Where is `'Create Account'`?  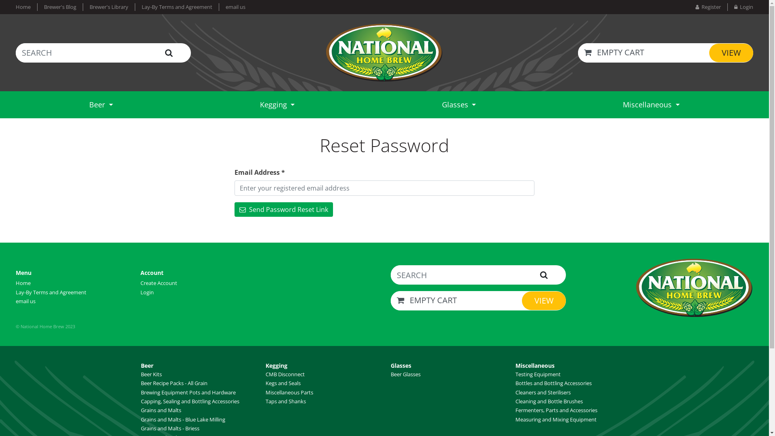
'Create Account' is located at coordinates (159, 283).